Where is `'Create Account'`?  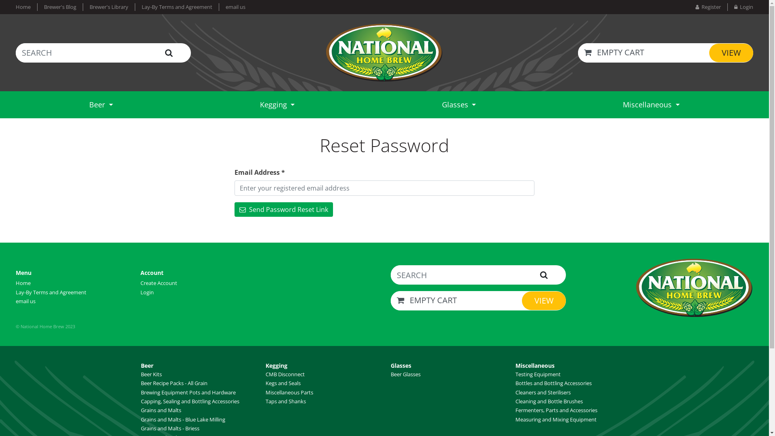
'Create Account' is located at coordinates (159, 283).